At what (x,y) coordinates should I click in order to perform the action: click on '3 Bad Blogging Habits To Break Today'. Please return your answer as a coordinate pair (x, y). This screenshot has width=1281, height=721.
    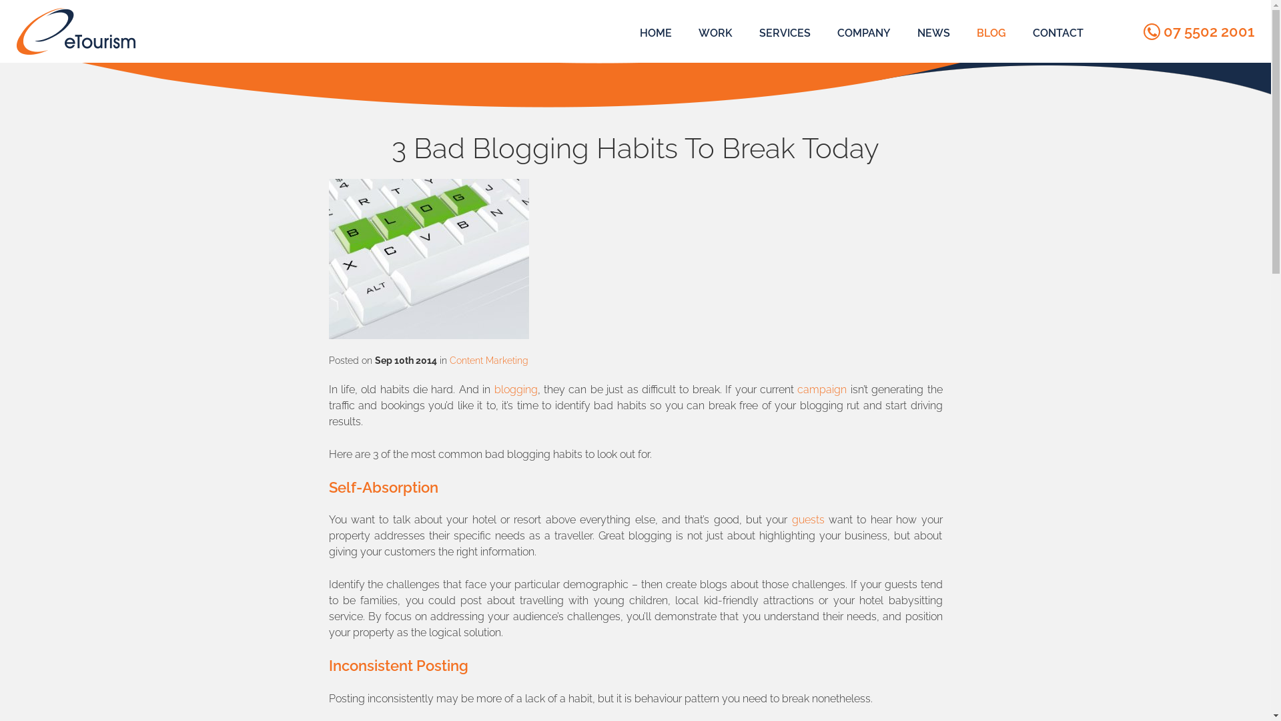
    Looking at the image, I should click on (428, 259).